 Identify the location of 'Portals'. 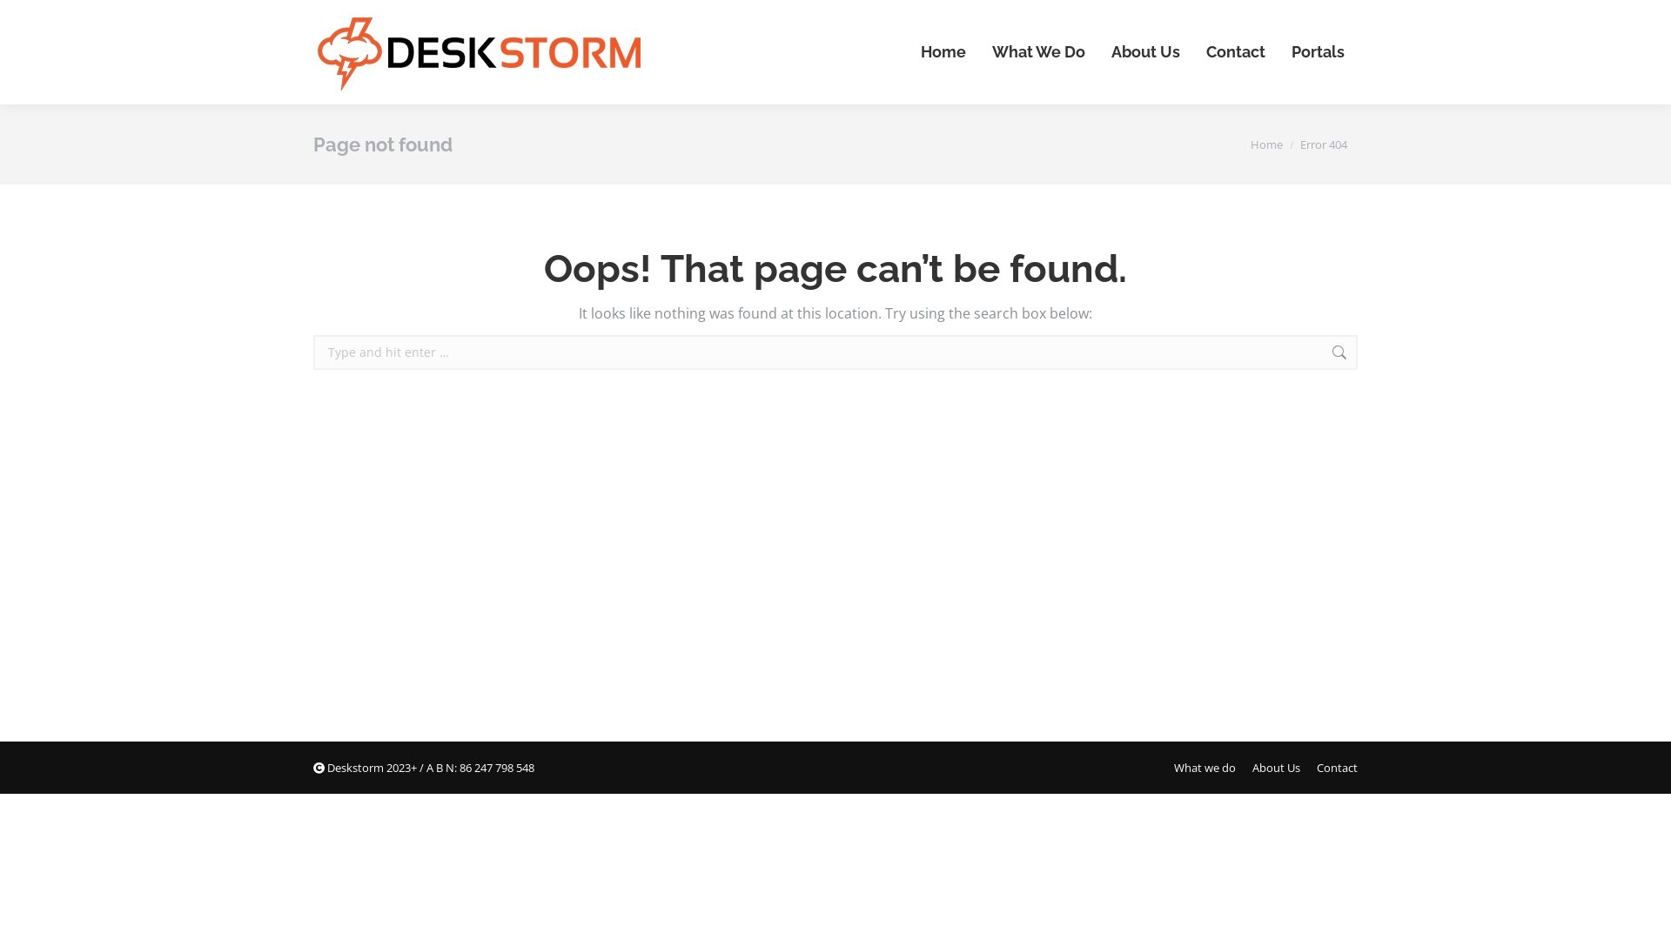
(1318, 51).